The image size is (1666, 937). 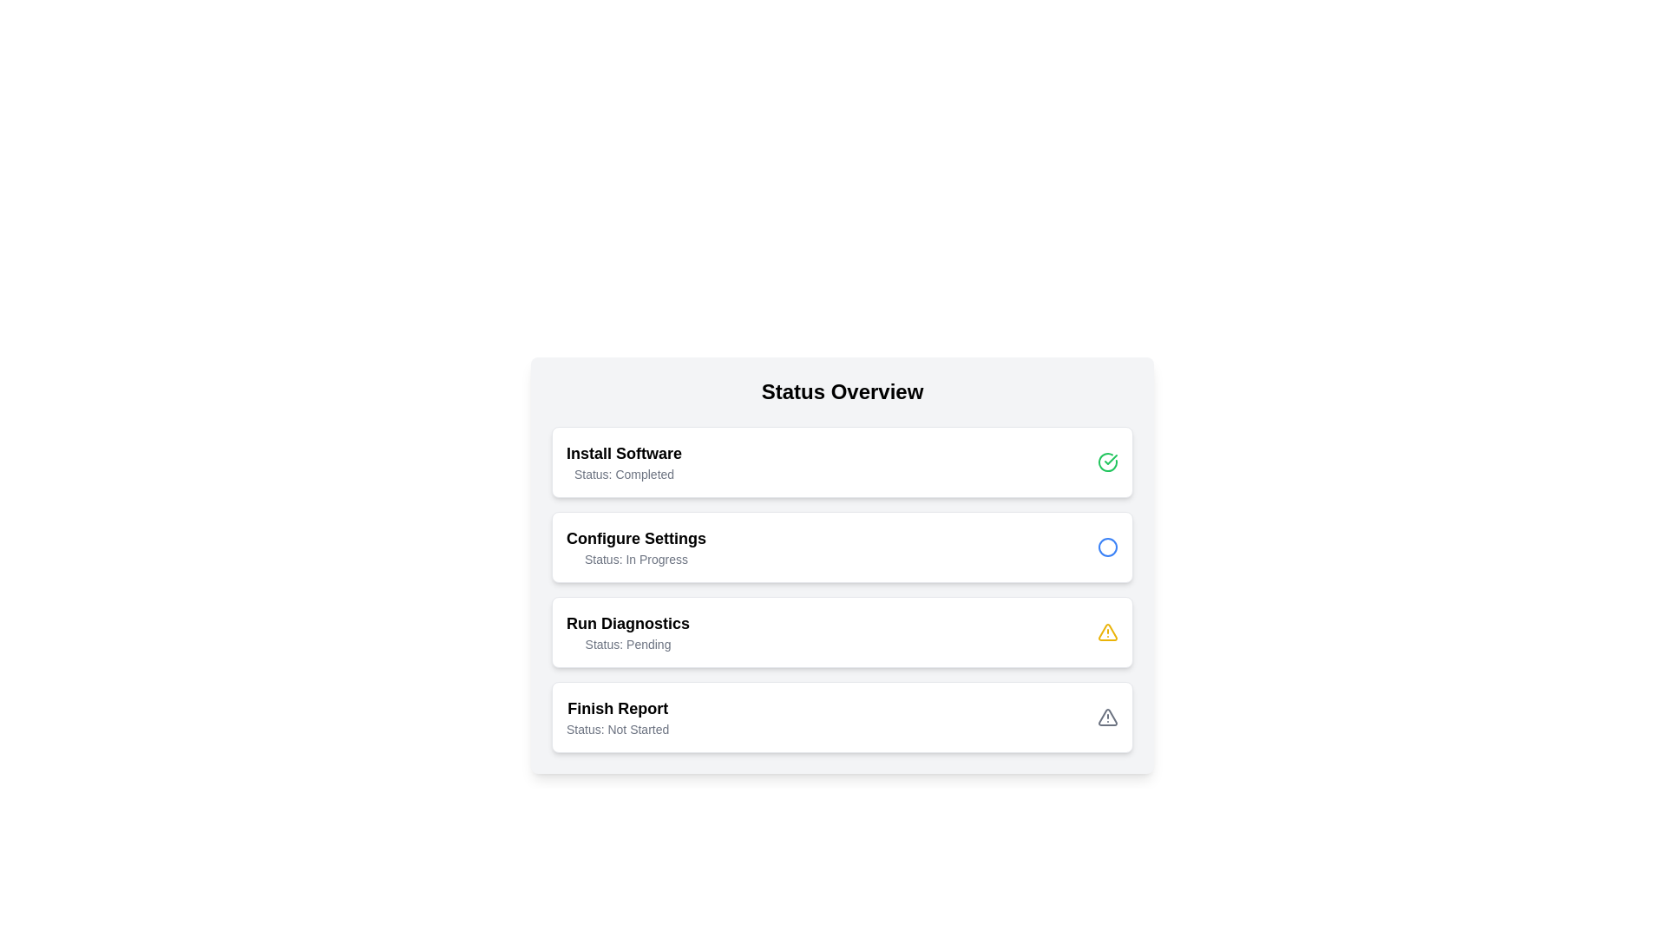 What do you see at coordinates (842, 562) in the screenshot?
I see `the second Information card in the Status Overview section` at bounding box center [842, 562].